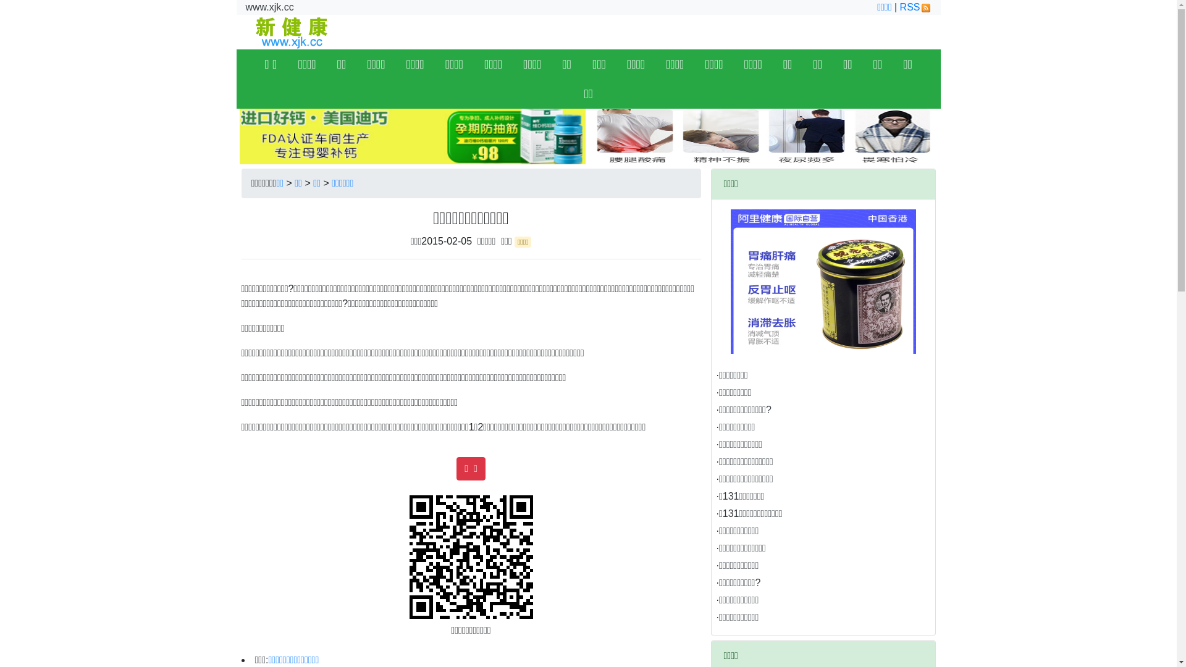 The height and width of the screenshot is (667, 1186). I want to click on 'RSS', so click(915, 7).